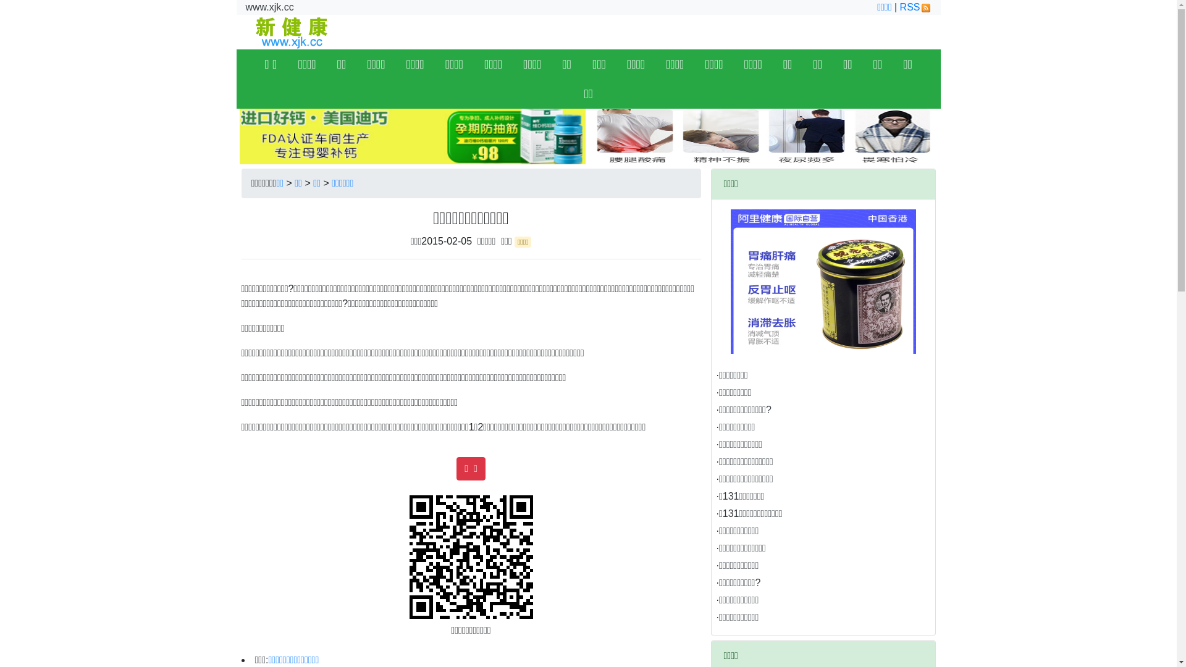 The height and width of the screenshot is (667, 1186). I want to click on 'RSS', so click(915, 7).